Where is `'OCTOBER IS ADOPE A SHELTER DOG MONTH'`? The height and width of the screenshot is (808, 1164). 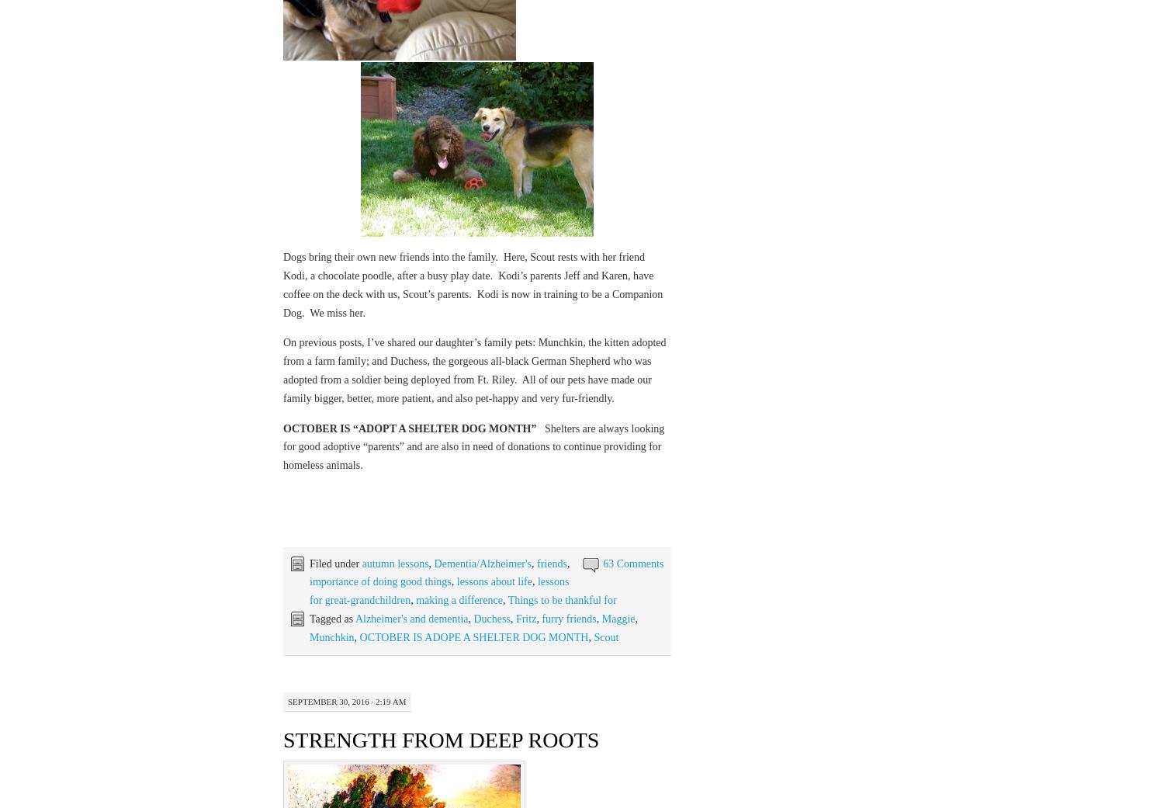
'OCTOBER IS ADOPE A SHELTER DOG MONTH' is located at coordinates (473, 636).